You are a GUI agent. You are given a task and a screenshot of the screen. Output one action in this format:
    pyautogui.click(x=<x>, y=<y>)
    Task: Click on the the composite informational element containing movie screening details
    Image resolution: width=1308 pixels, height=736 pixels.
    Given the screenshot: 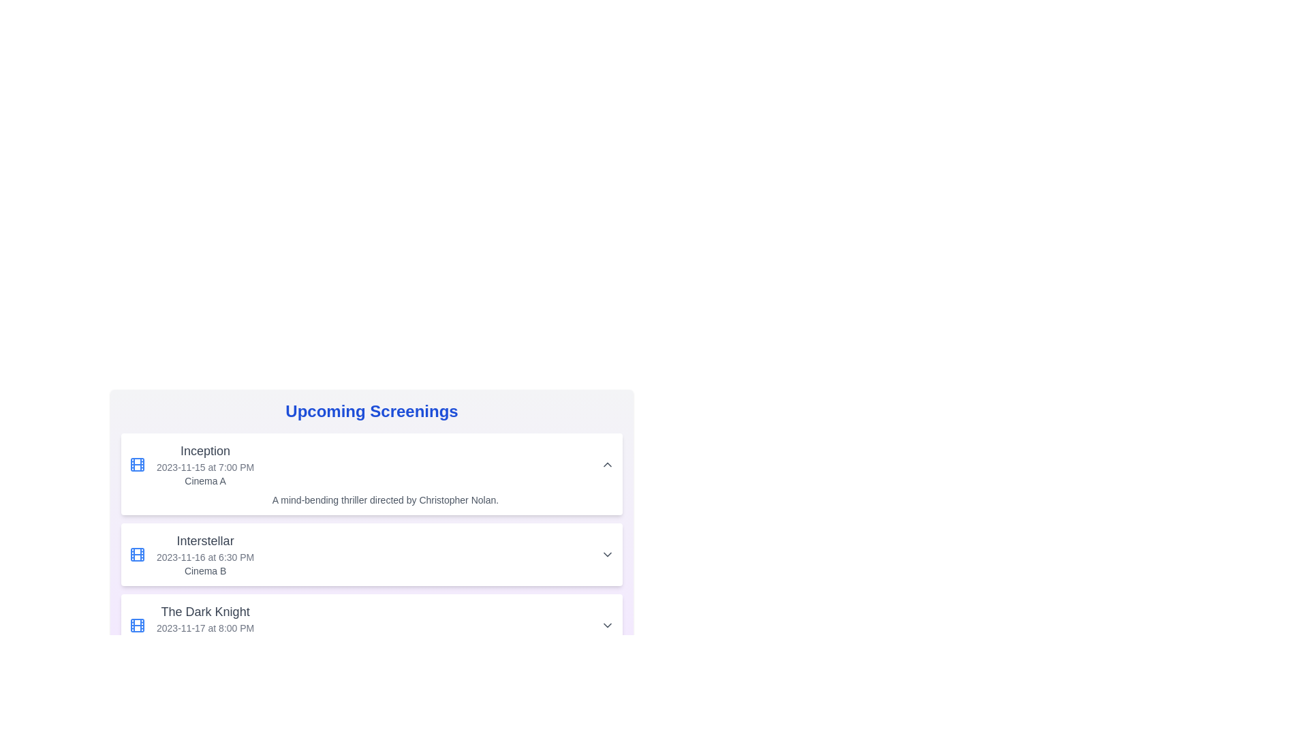 What is the action you would take?
    pyautogui.click(x=191, y=554)
    